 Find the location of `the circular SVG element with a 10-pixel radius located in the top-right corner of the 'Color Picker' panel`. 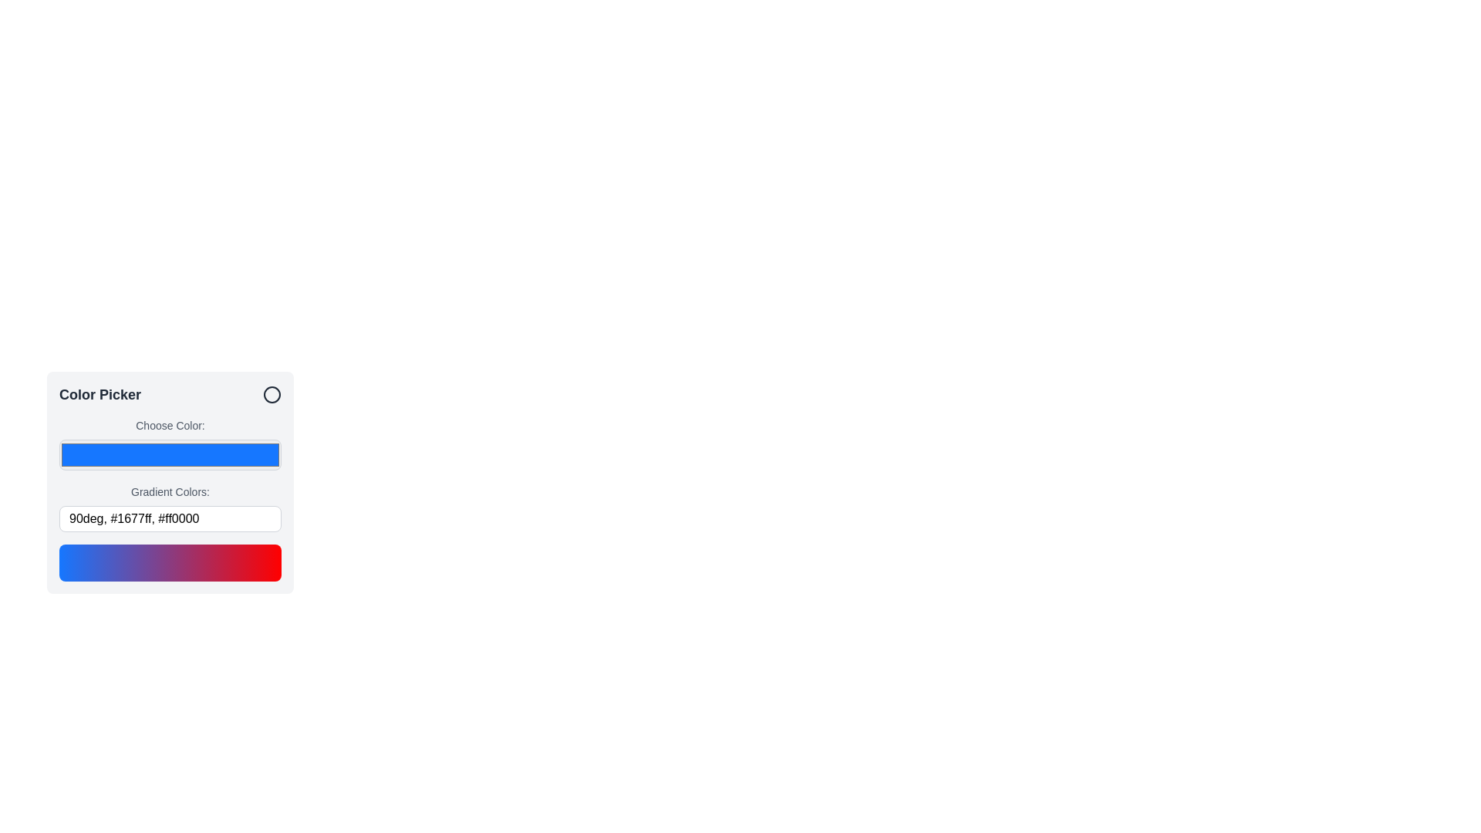

the circular SVG element with a 10-pixel radius located in the top-right corner of the 'Color Picker' panel is located at coordinates (272, 394).